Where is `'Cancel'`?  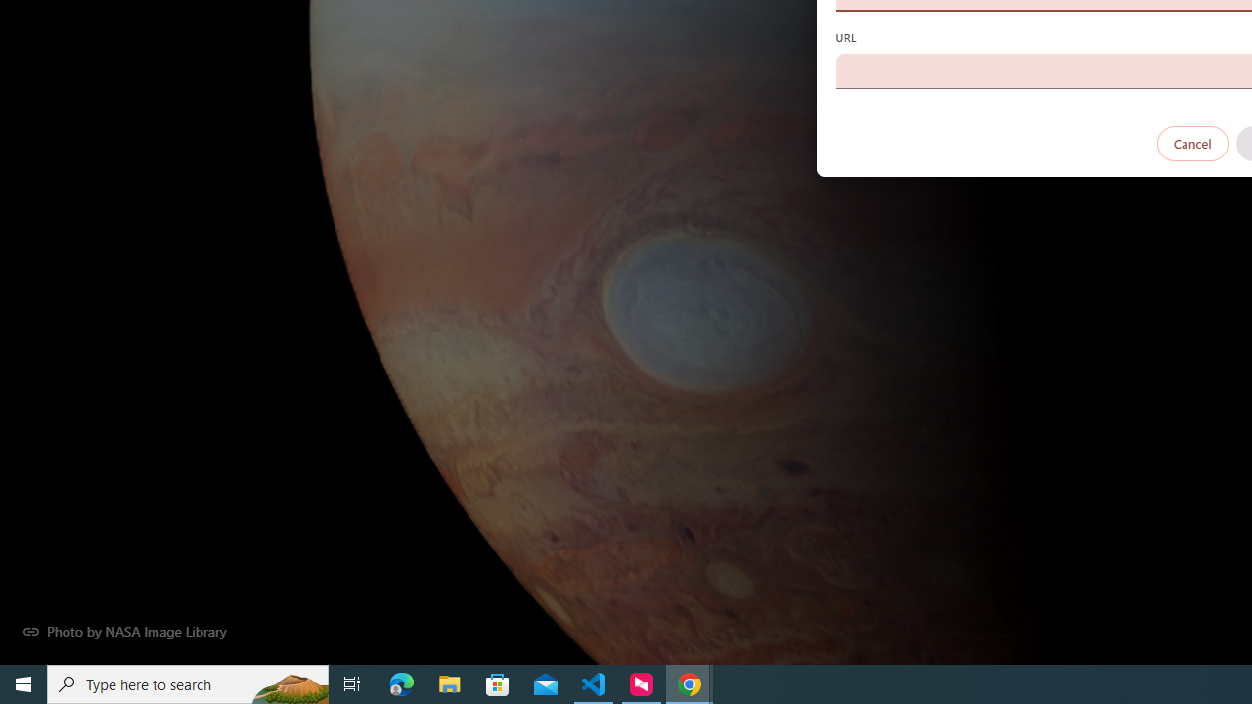
'Cancel' is located at coordinates (1190, 142).